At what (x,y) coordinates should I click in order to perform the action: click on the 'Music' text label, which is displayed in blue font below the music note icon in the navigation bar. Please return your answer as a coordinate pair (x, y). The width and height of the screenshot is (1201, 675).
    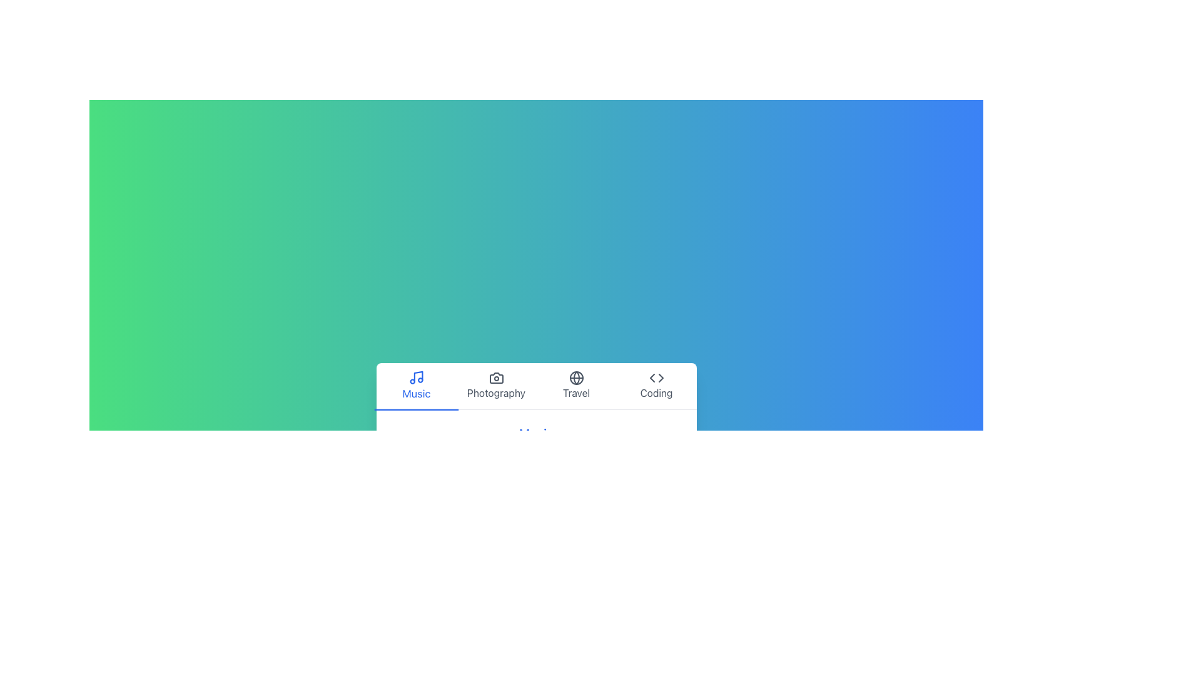
    Looking at the image, I should click on (416, 392).